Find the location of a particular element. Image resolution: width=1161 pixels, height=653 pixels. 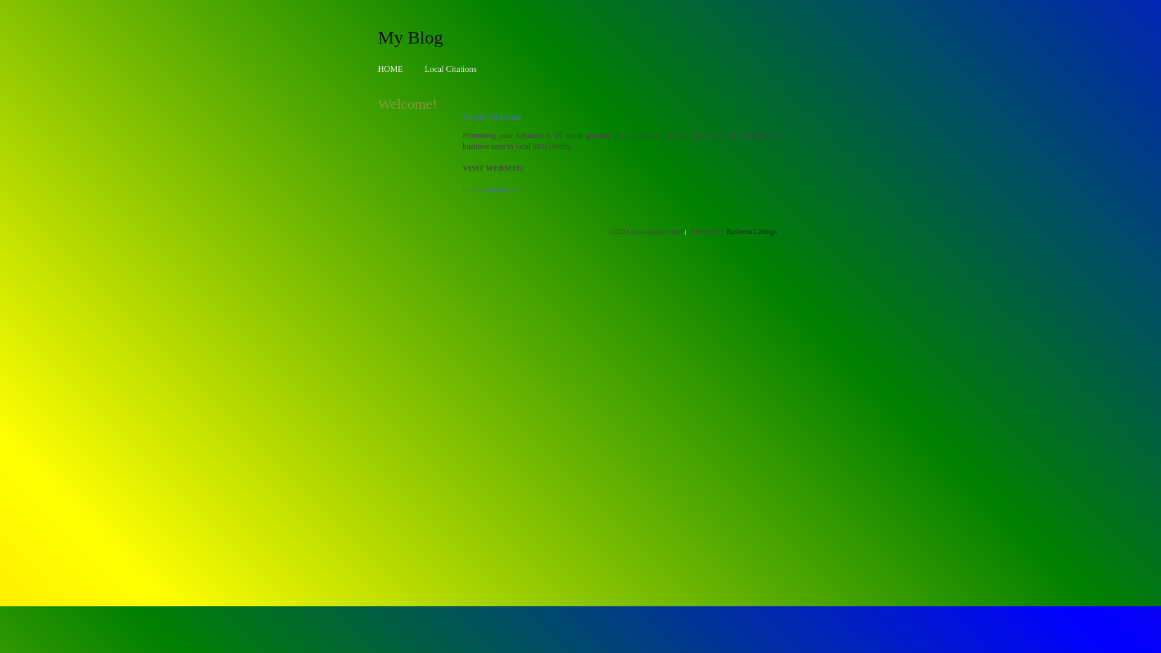

'Local Citations' is located at coordinates (449, 69).